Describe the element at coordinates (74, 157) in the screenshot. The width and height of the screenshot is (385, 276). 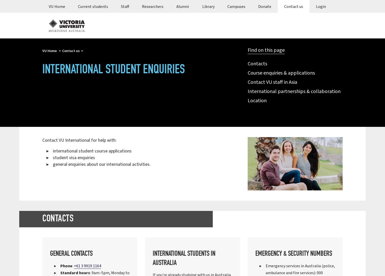
I see `'student visa enquiries'` at that location.